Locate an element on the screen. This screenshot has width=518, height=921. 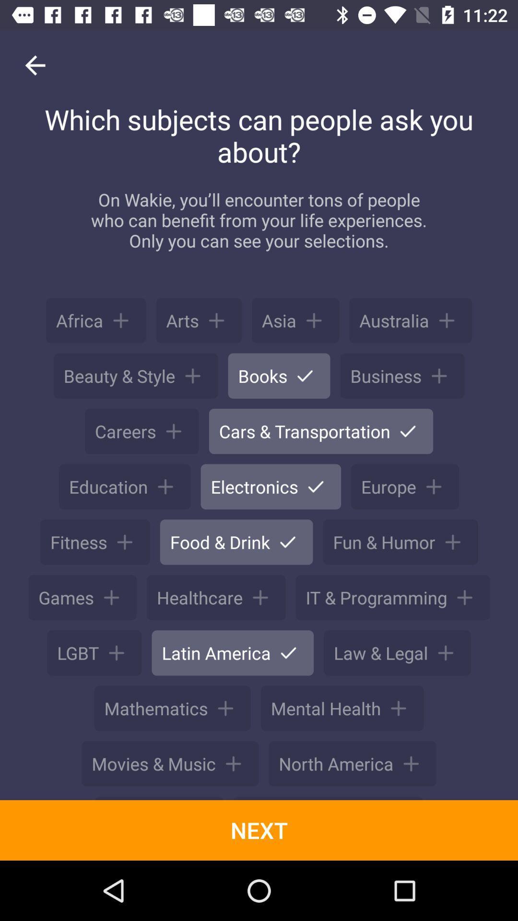
latin america is located at coordinates (233, 652).